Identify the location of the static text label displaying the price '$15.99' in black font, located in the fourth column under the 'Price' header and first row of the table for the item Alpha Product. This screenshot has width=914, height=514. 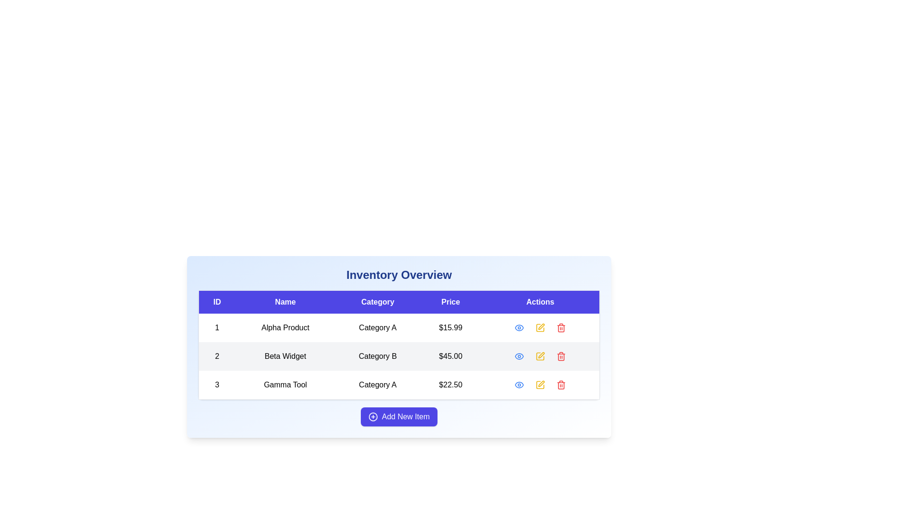
(450, 327).